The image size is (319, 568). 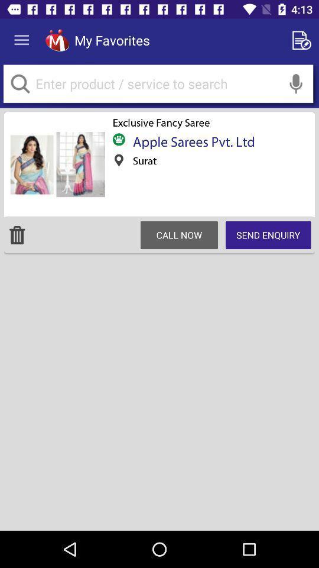 What do you see at coordinates (17, 234) in the screenshot?
I see `icon to the left of call now item` at bounding box center [17, 234].